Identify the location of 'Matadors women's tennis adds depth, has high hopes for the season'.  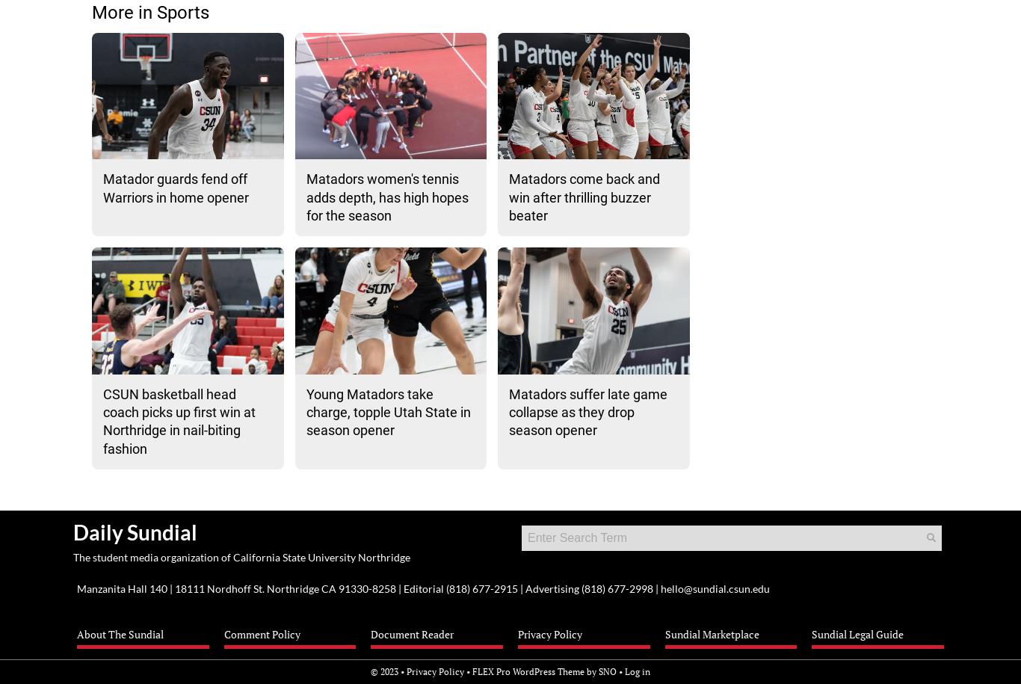
(386, 196).